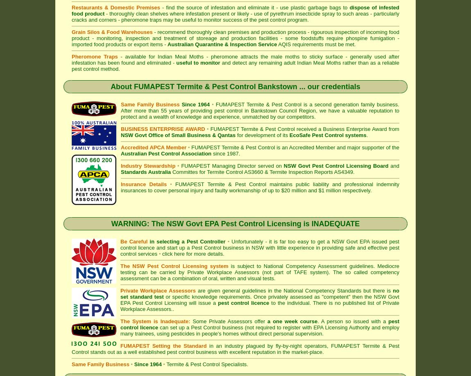 Image resolution: width=471 pixels, height=376 pixels. Describe the element at coordinates (245, 266) in the screenshot. I see `'is subject to'` at that location.